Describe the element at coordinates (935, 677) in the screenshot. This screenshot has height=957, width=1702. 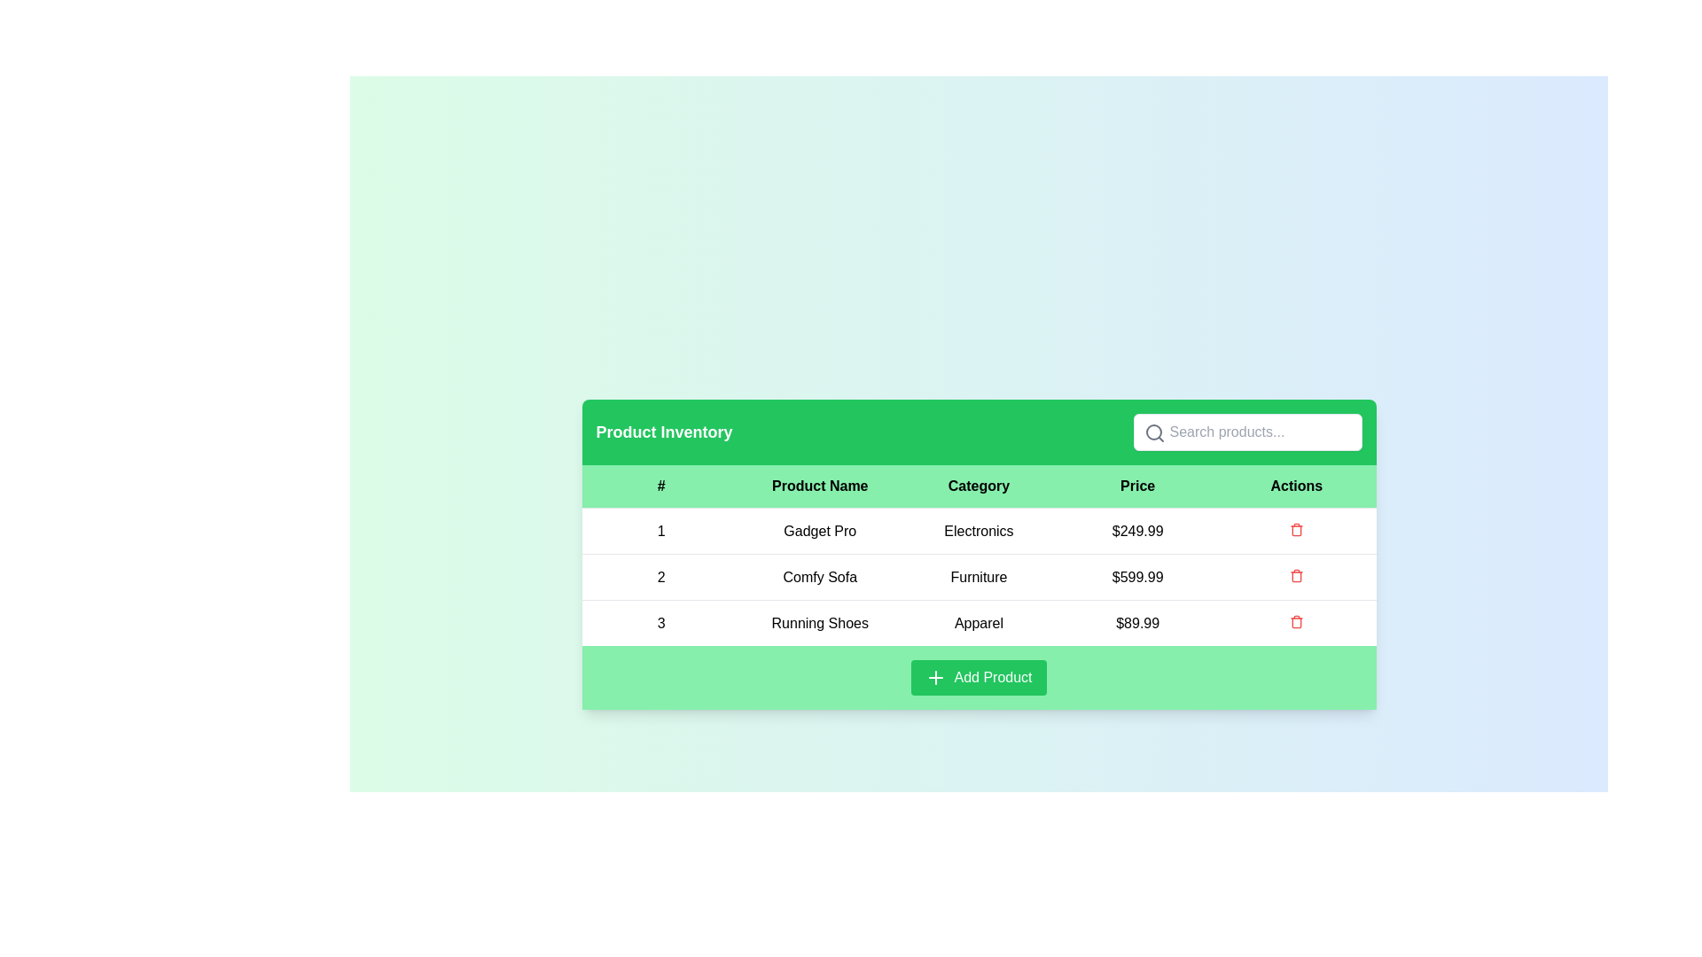
I see `the circular plus icon with a white '+' symbol, which is the leftmost component of the 'Add Product' button located below the product table` at that location.